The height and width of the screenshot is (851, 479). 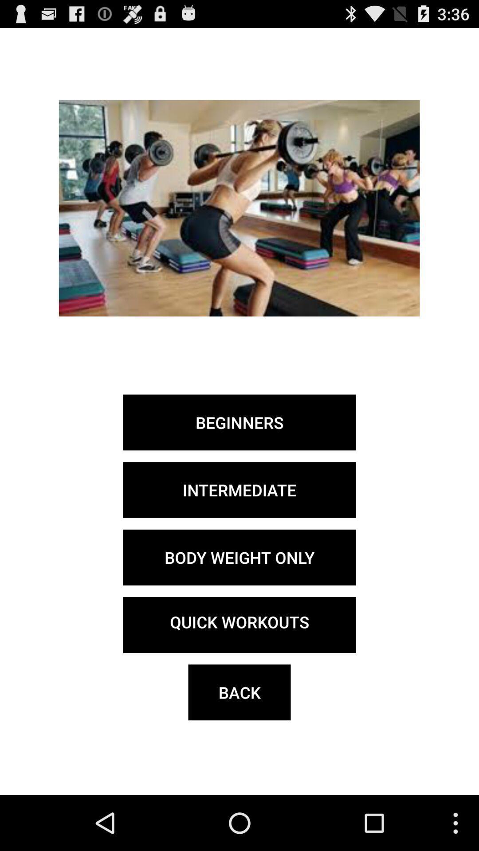 What do you see at coordinates (239, 692) in the screenshot?
I see `back item` at bounding box center [239, 692].